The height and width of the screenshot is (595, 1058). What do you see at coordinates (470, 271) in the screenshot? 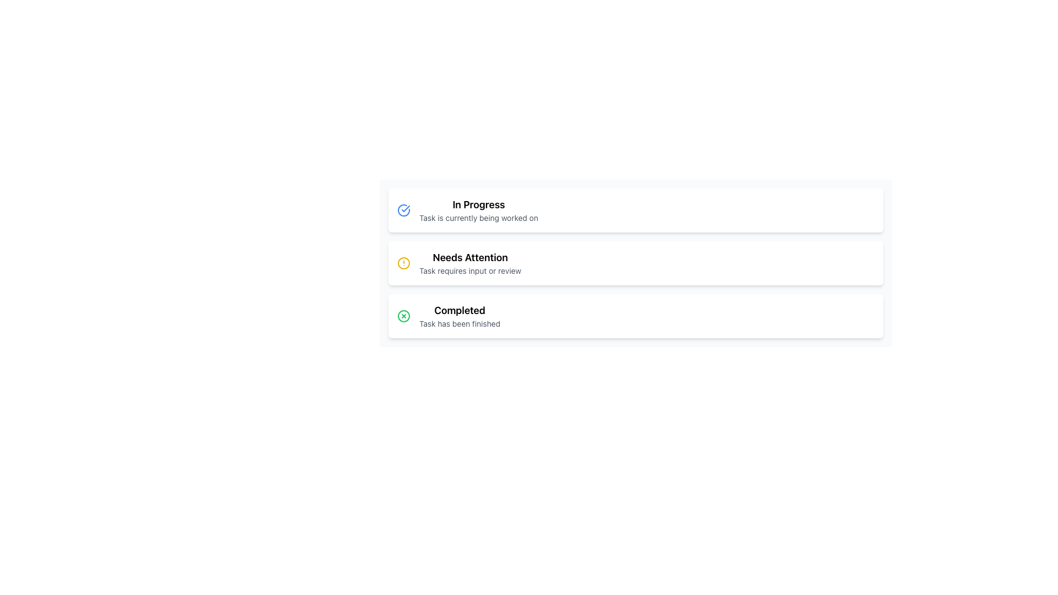
I see `text content of the text label that states 'Task requires input or review', which is styled in gray and located below the 'Needs Attention' heading` at bounding box center [470, 271].